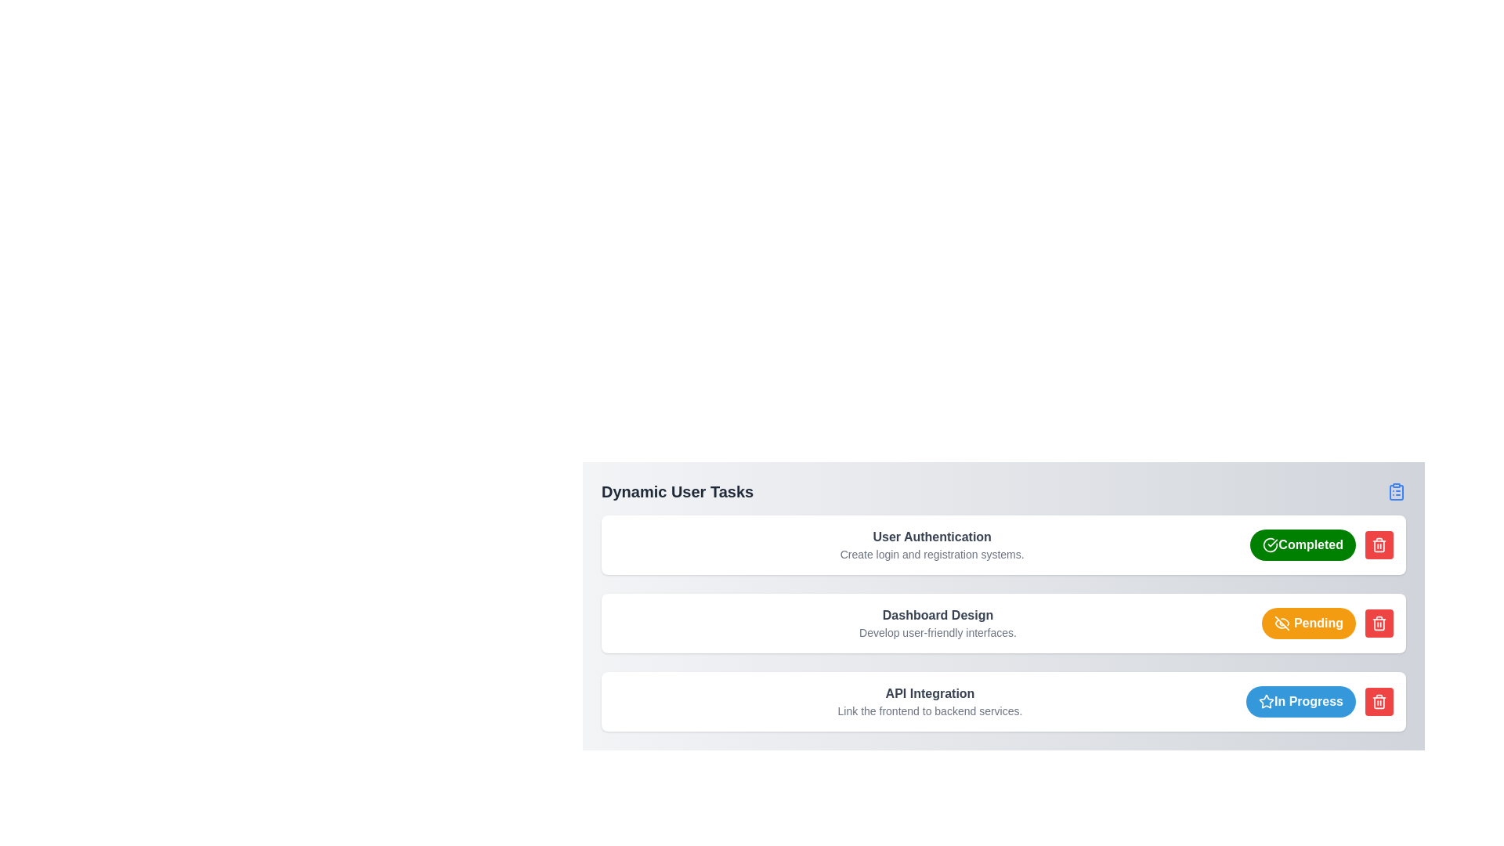 This screenshot has width=1504, height=846. Describe the element at coordinates (1282, 622) in the screenshot. I see `the eye-off icon located on the 'Pending' button styled in orange in the second row of the task list` at that location.